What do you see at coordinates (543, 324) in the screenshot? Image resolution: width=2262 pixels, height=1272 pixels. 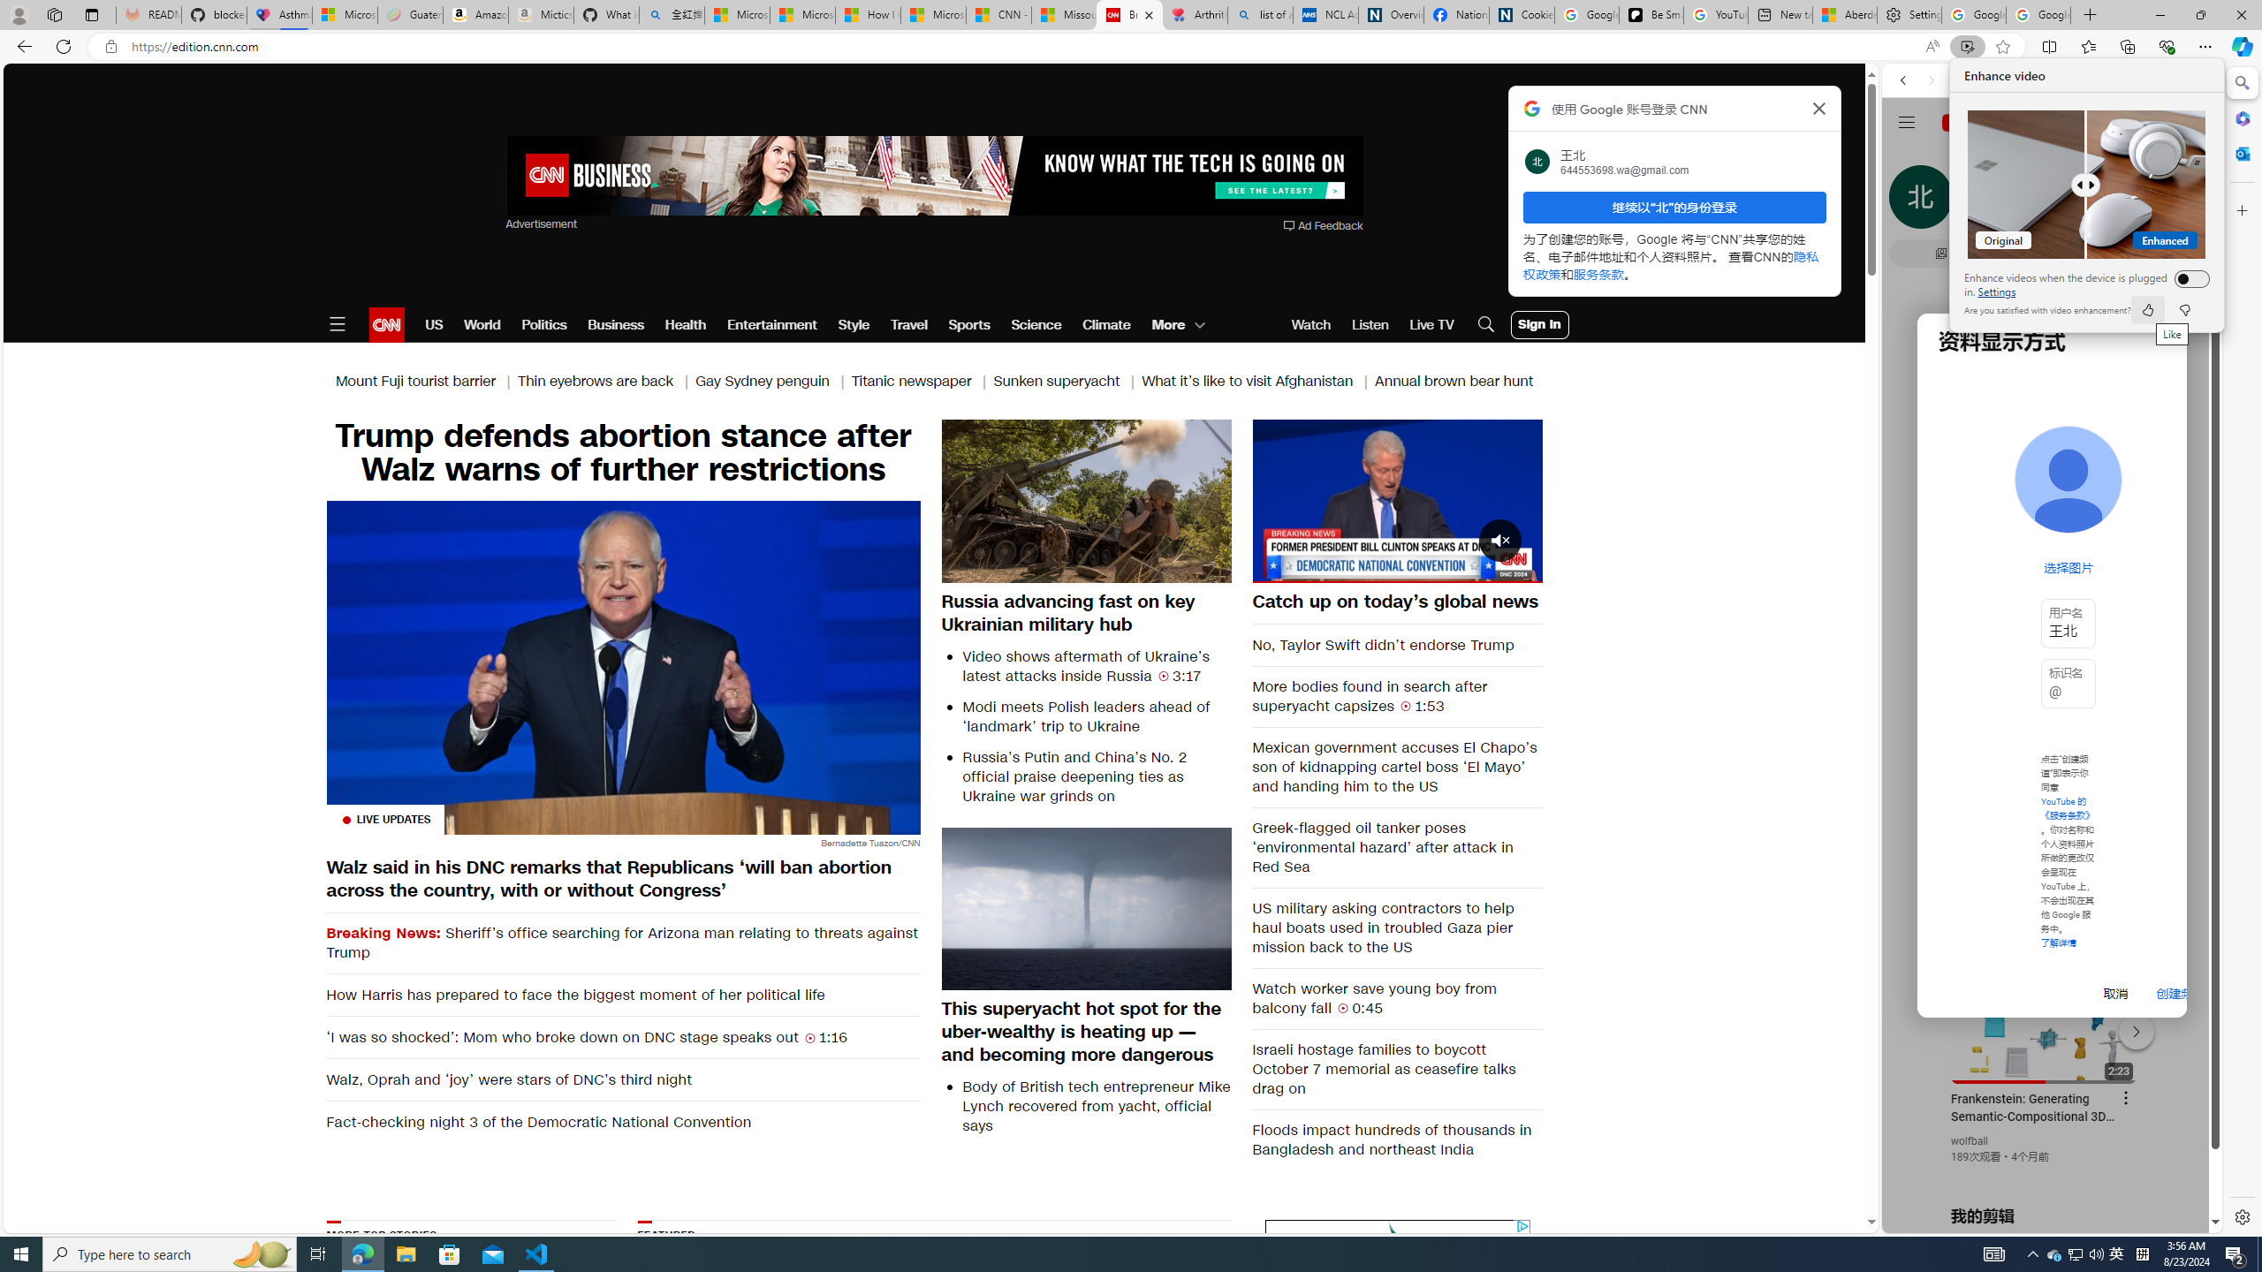 I see `'Politics'` at bounding box center [543, 324].